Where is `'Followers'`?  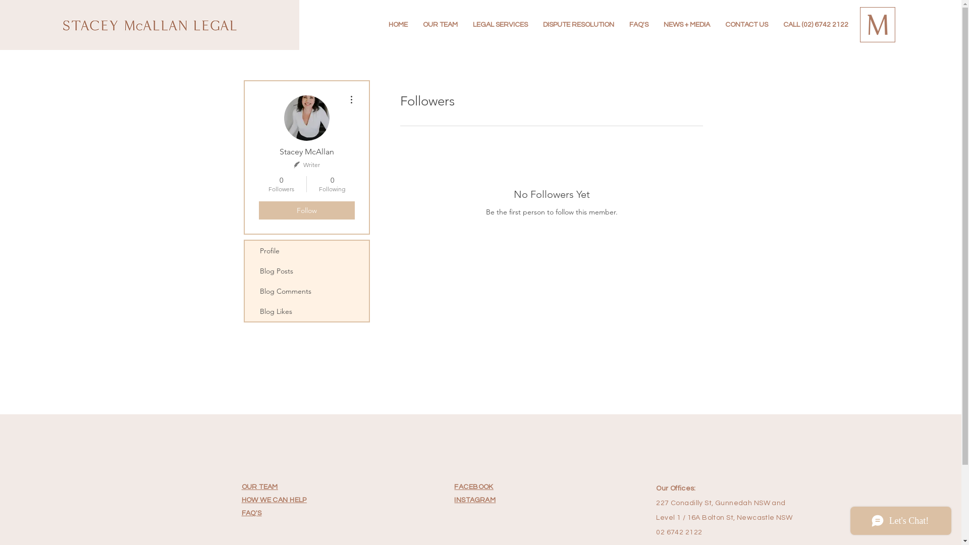 'Followers' is located at coordinates (384, 247).